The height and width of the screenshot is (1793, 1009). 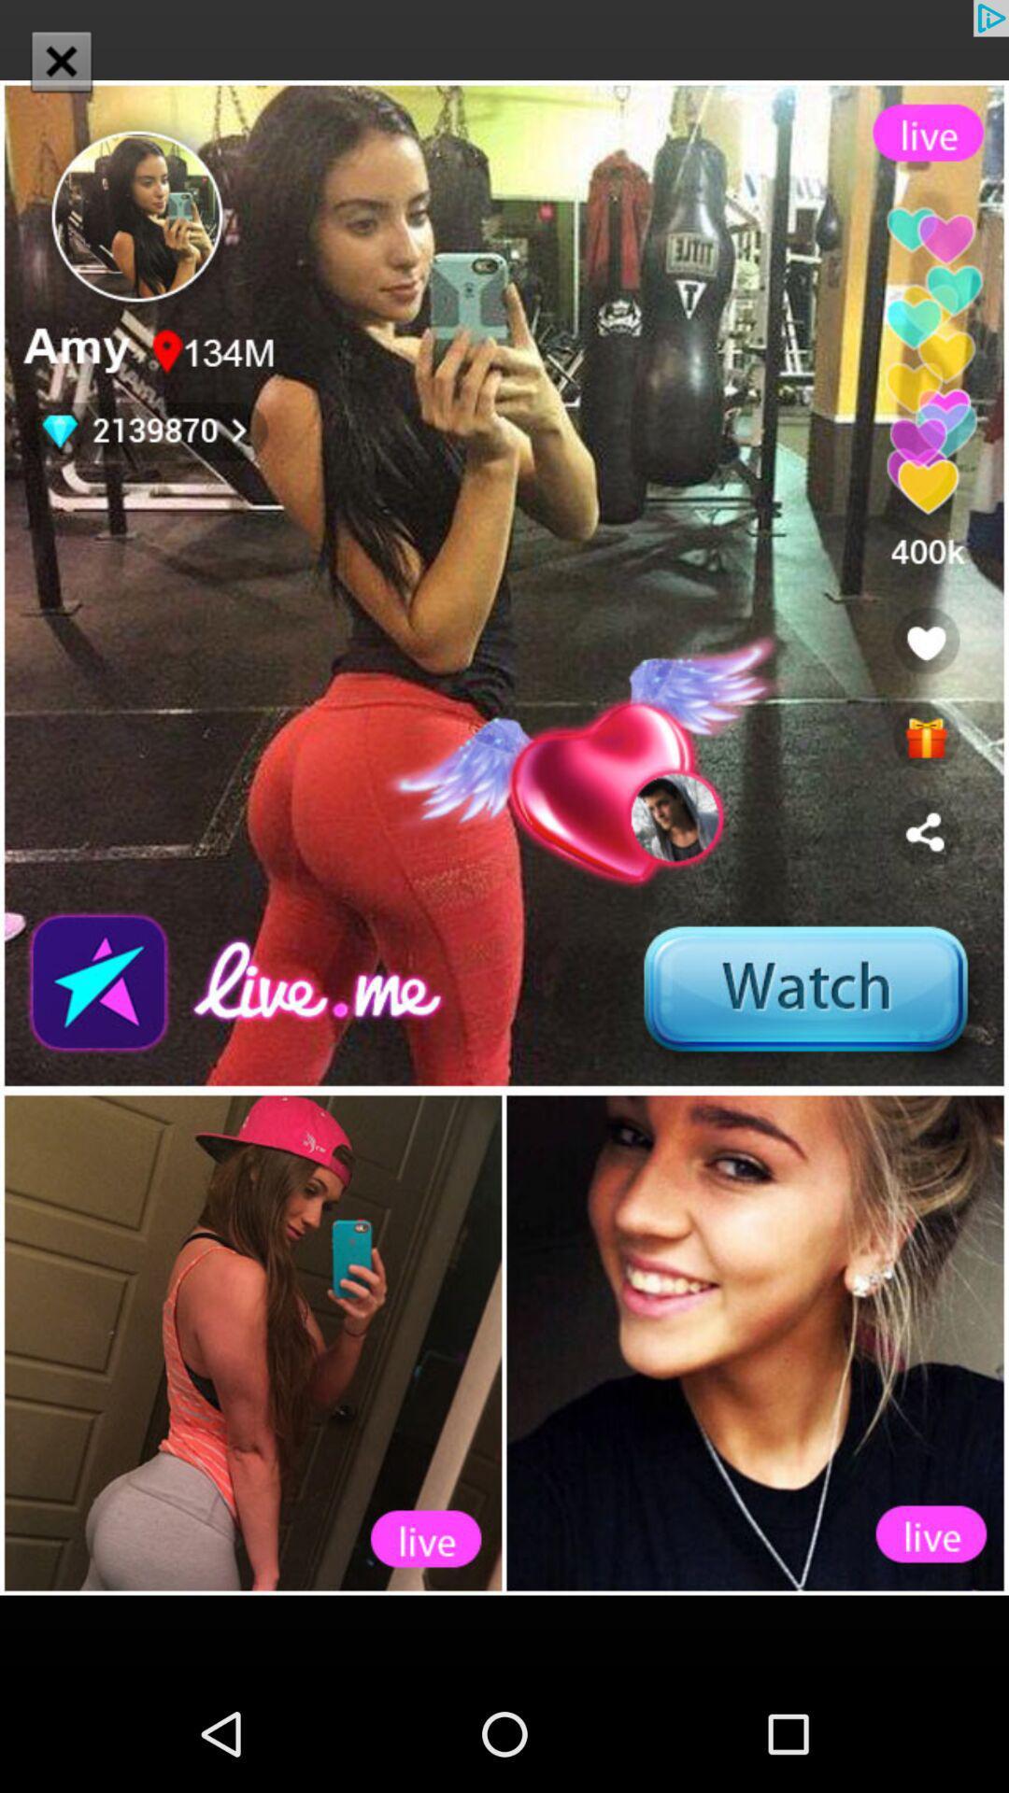 I want to click on the close icon, so click(x=60, y=65).